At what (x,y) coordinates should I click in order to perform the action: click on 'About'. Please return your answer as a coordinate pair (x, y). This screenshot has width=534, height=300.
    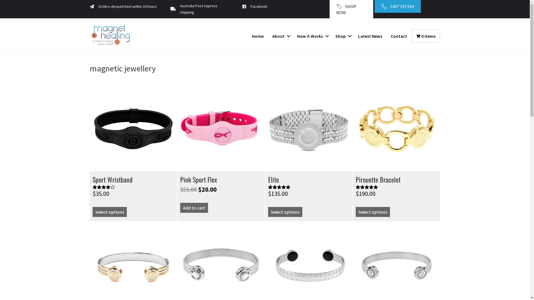
    Looking at the image, I should click on (280, 36).